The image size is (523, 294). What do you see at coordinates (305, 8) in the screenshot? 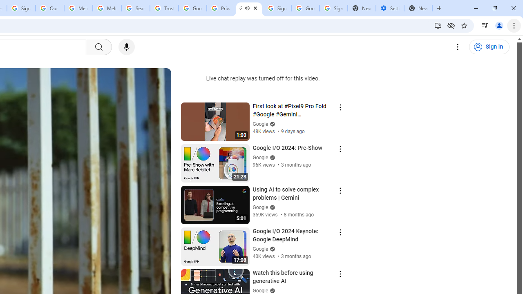
I see `'Google Cybersecurity Innovations - Google Safety Center'` at bounding box center [305, 8].